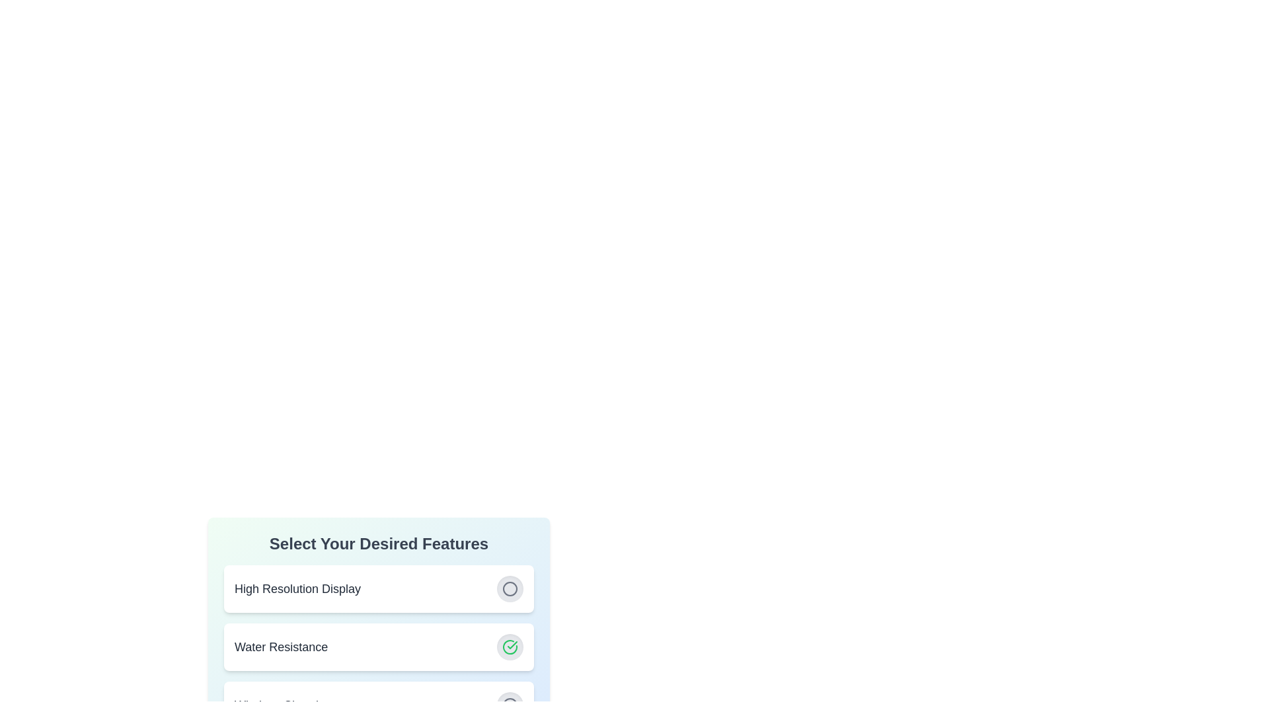 The height and width of the screenshot is (714, 1269). What do you see at coordinates (510, 588) in the screenshot?
I see `the small SVG Circle styled with a stroke and no fill, located within the list item labeled 'High Resolution Display'` at bounding box center [510, 588].